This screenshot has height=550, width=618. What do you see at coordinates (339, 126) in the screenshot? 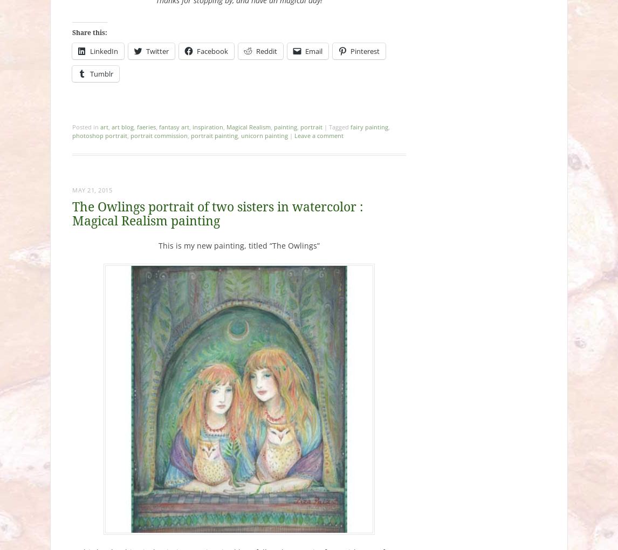
I see `'Tagged'` at bounding box center [339, 126].